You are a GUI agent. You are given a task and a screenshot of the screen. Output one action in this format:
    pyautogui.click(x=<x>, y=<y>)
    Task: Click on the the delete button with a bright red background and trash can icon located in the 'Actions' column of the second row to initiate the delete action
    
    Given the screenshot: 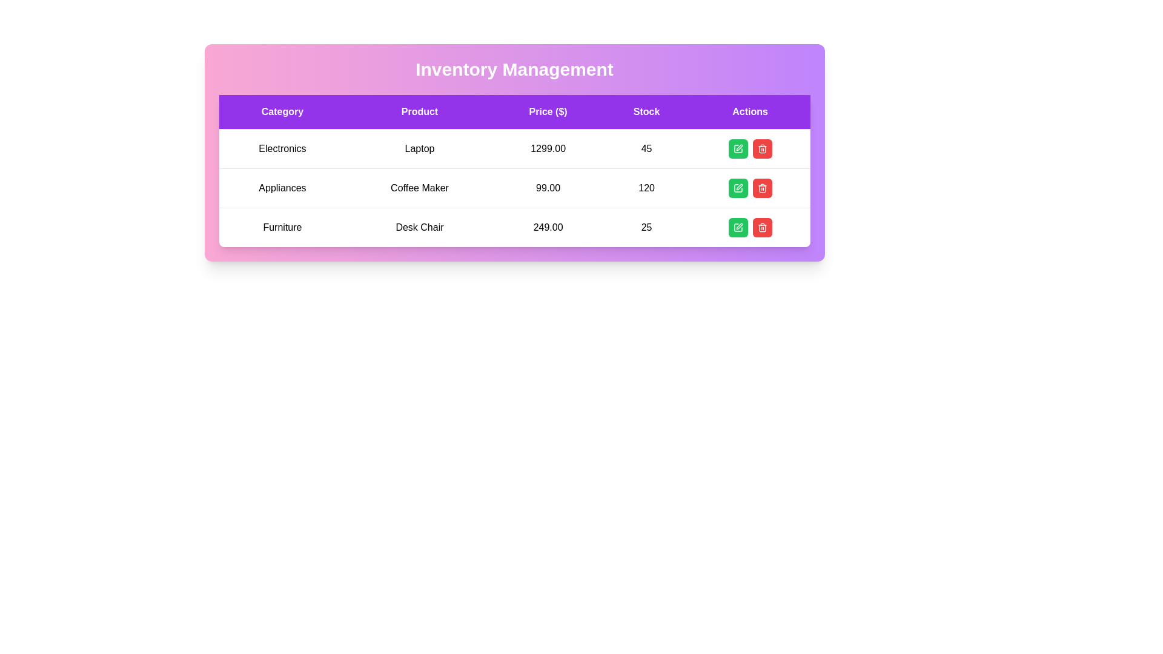 What is the action you would take?
    pyautogui.click(x=761, y=188)
    